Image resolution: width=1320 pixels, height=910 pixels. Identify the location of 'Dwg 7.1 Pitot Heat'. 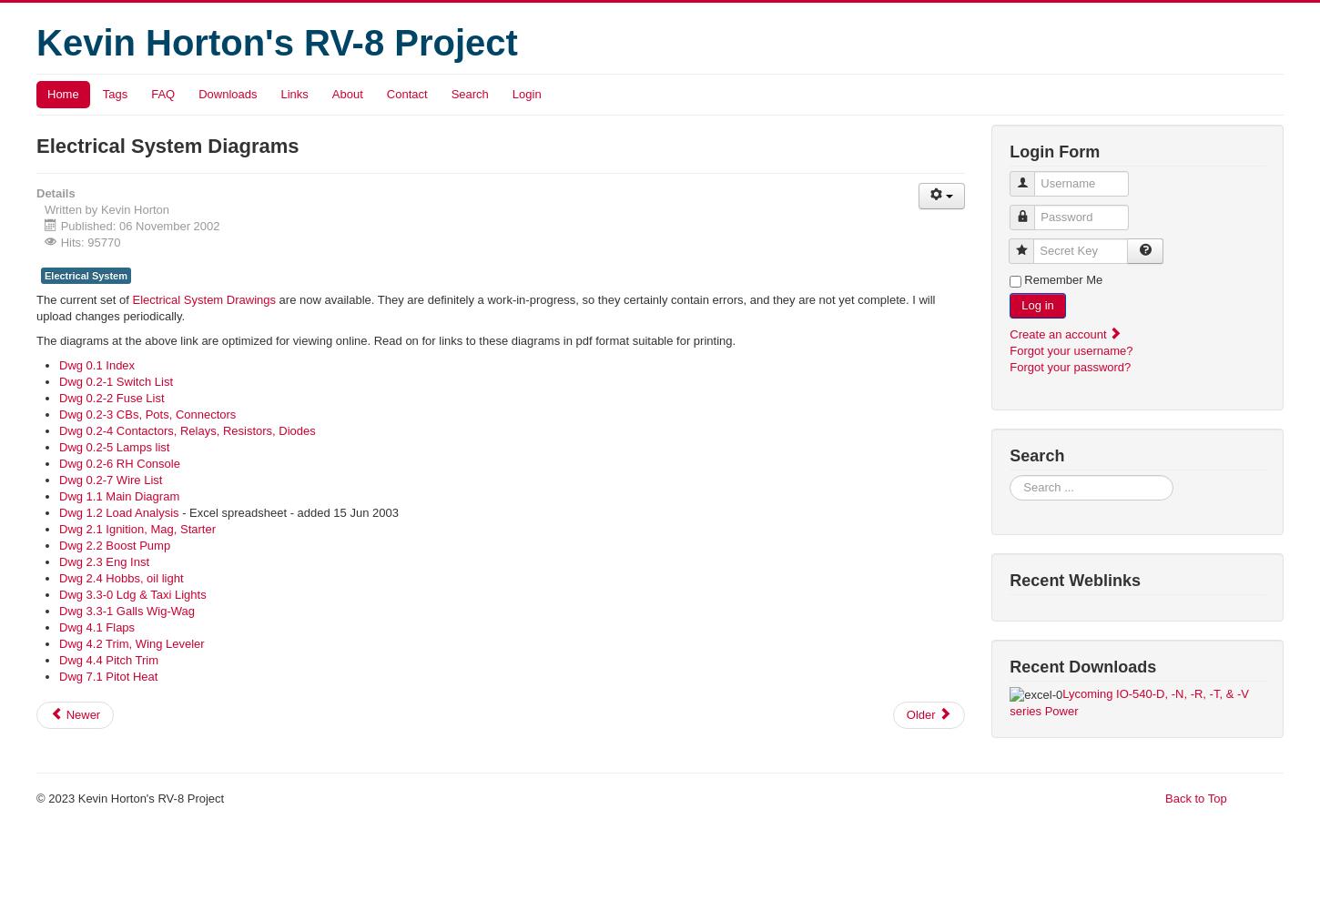
(108, 675).